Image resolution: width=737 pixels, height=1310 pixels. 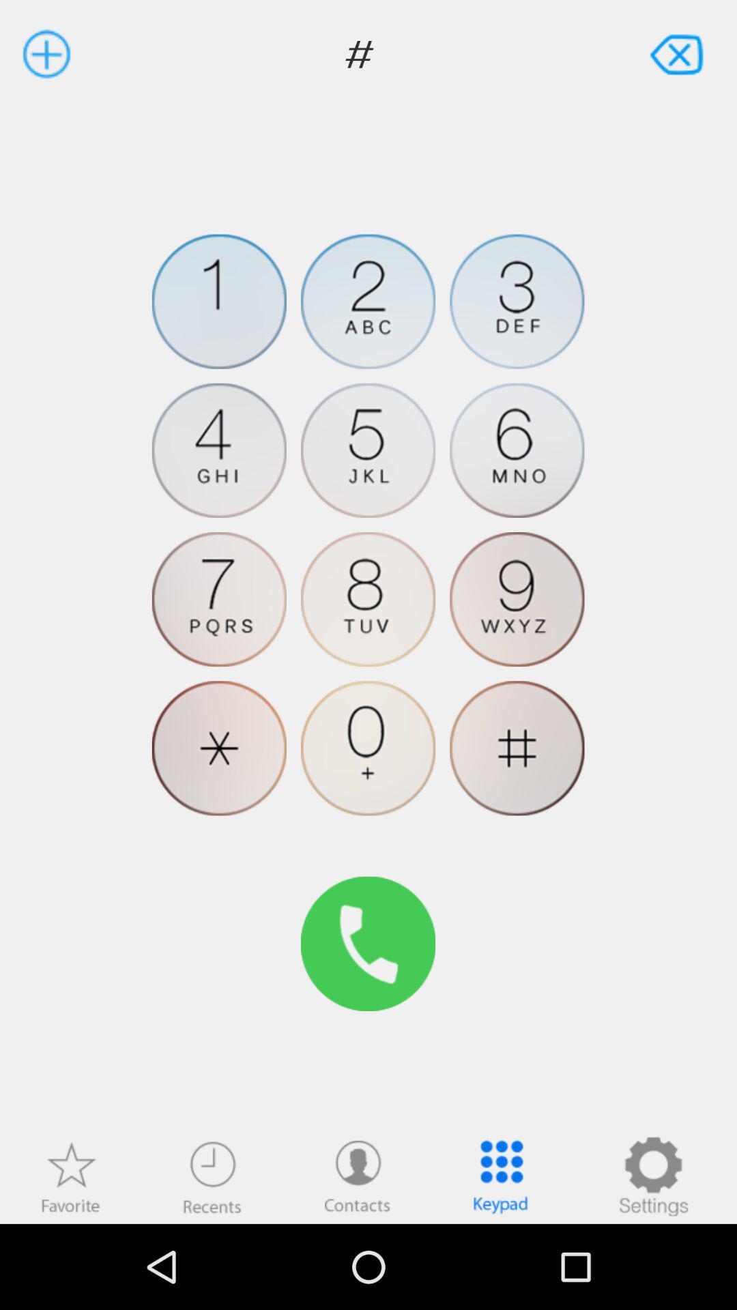 I want to click on zero button, so click(x=367, y=747).